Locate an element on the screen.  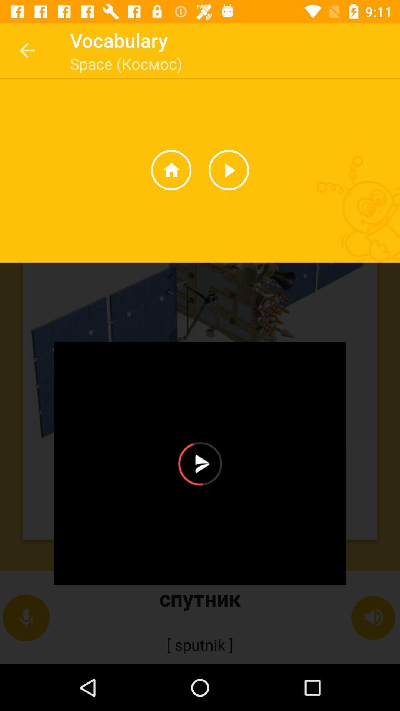
the home icon is located at coordinates (171, 170).